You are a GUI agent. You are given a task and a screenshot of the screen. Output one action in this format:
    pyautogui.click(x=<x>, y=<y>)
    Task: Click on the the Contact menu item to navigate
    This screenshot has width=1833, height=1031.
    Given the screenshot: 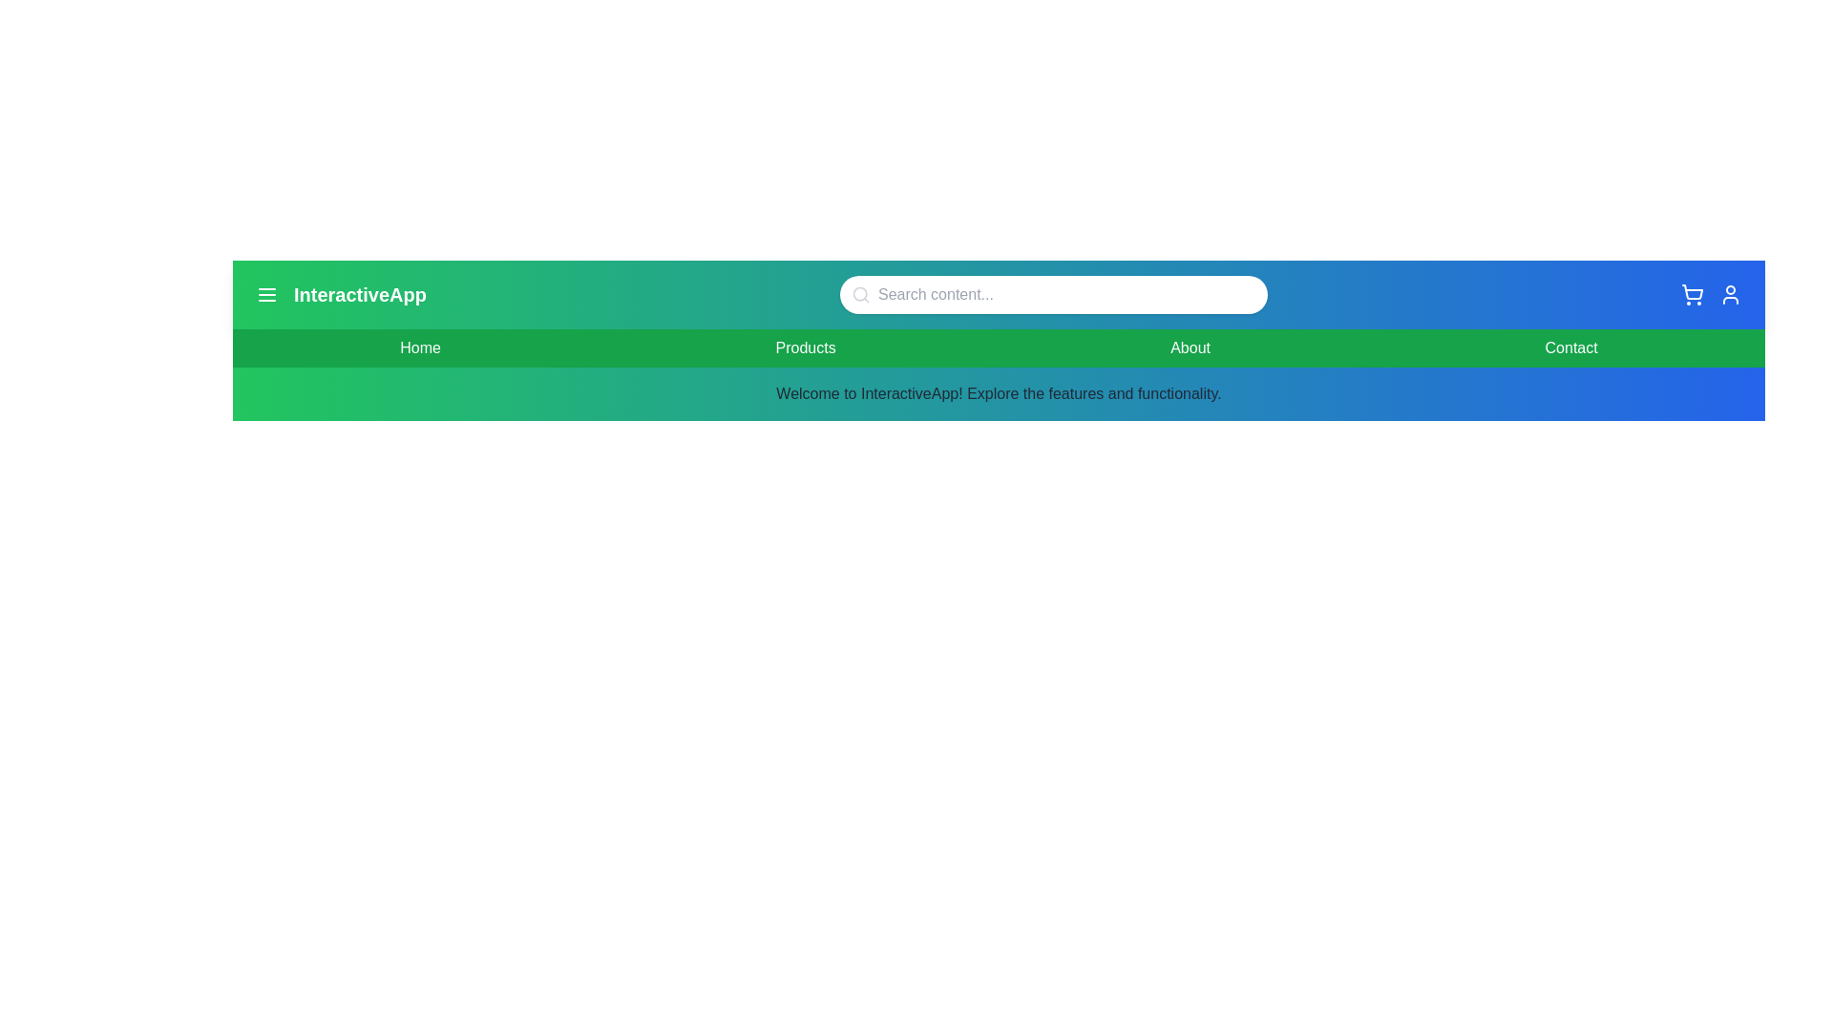 What is the action you would take?
    pyautogui.click(x=1571, y=348)
    